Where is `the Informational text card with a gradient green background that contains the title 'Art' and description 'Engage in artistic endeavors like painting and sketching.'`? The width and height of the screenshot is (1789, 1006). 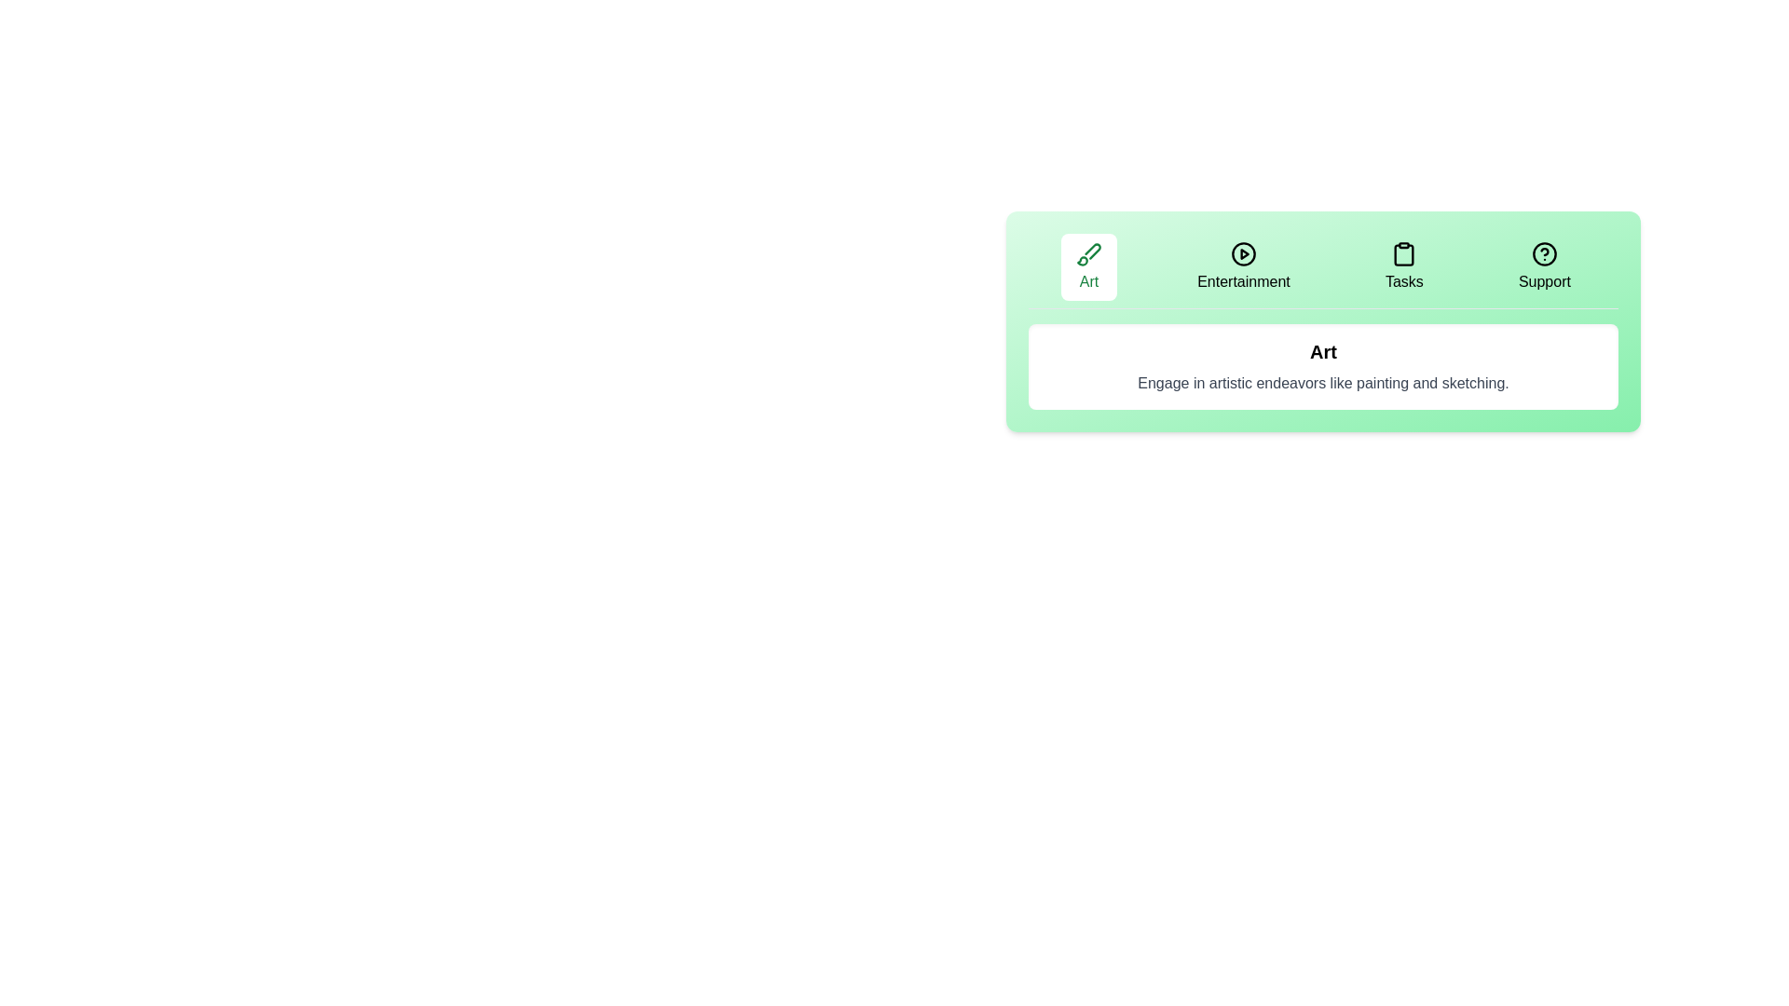 the Informational text card with a gradient green background that contains the title 'Art' and description 'Engage in artistic endeavors like painting and sketching.' is located at coordinates (1322, 320).